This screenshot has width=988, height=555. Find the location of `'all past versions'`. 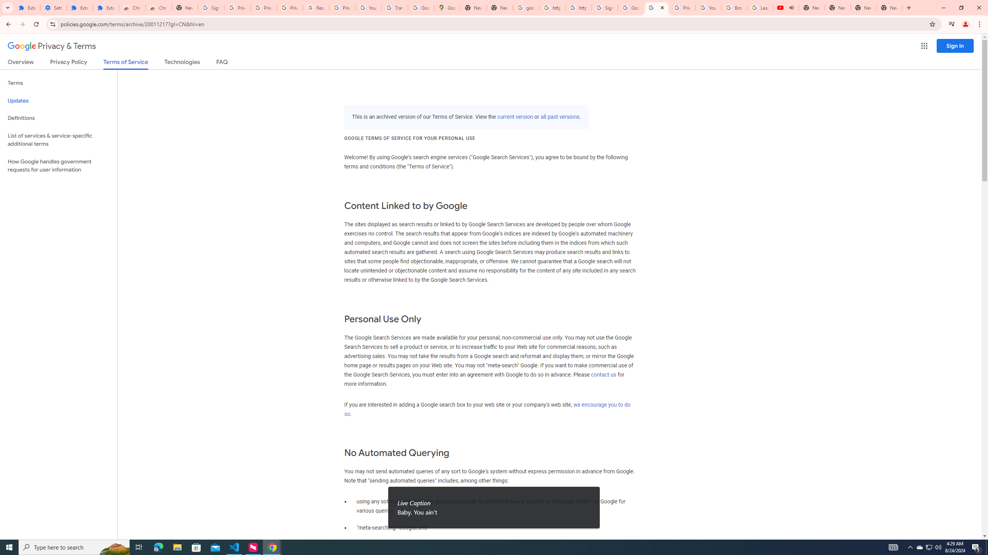

'all past versions' is located at coordinates (560, 116).